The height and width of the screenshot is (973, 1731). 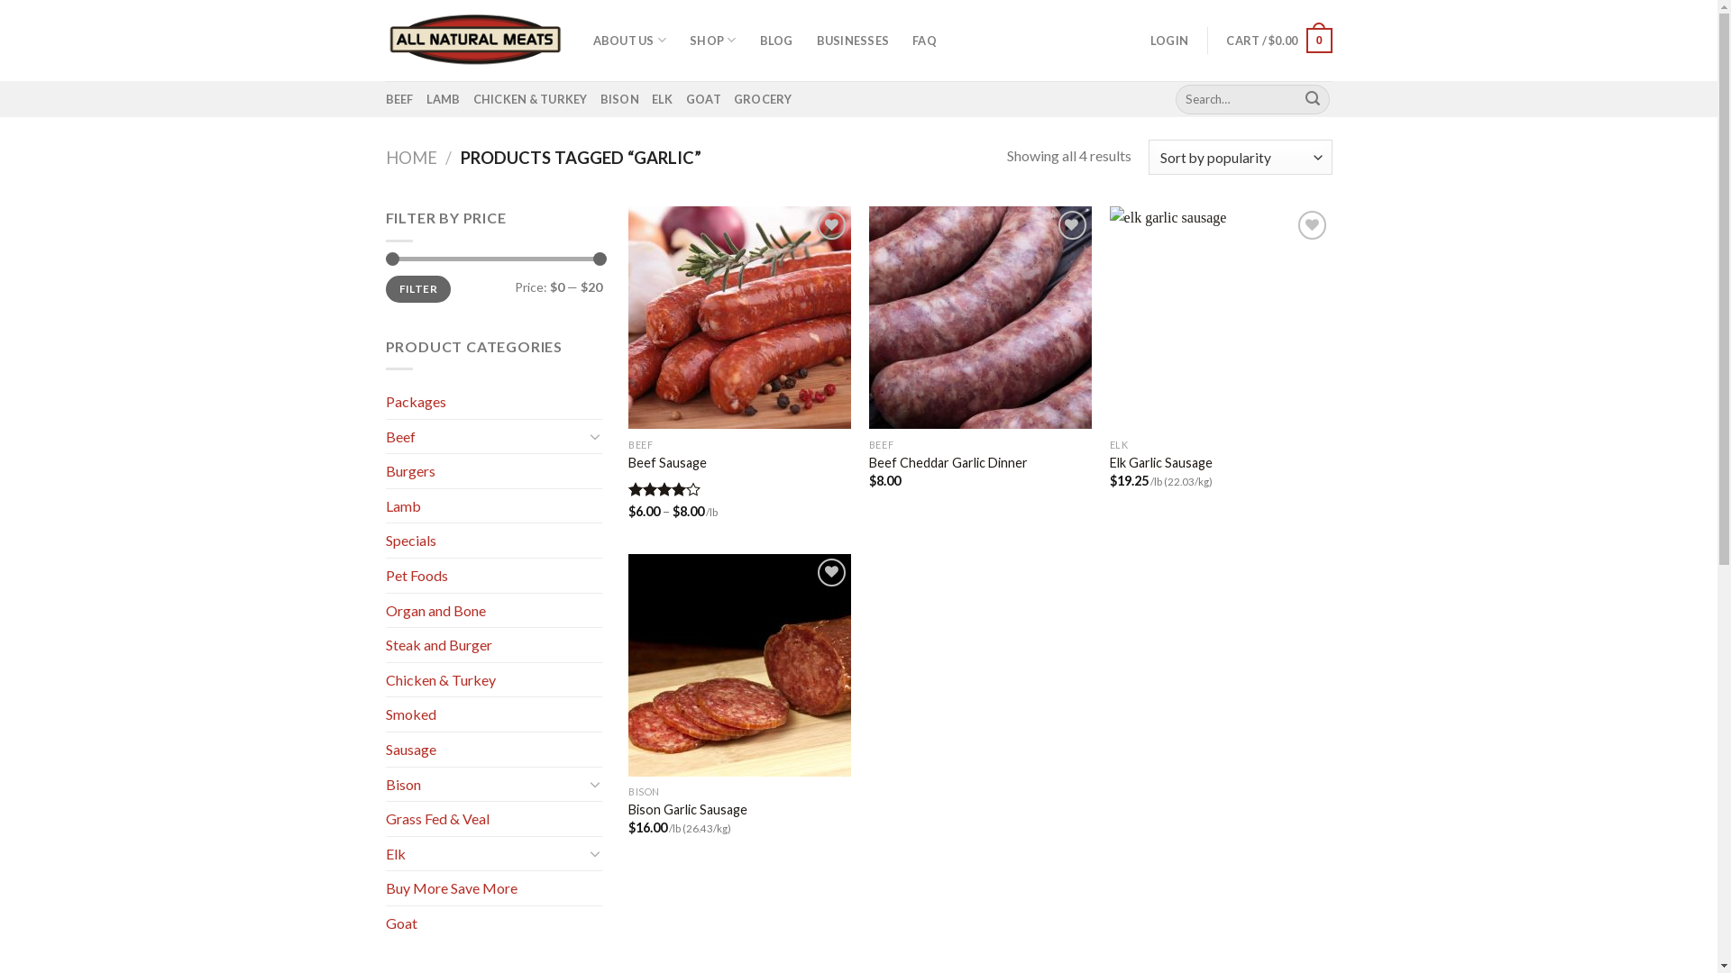 What do you see at coordinates (476, 40) in the screenshot?
I see `'All Natural Meats'` at bounding box center [476, 40].